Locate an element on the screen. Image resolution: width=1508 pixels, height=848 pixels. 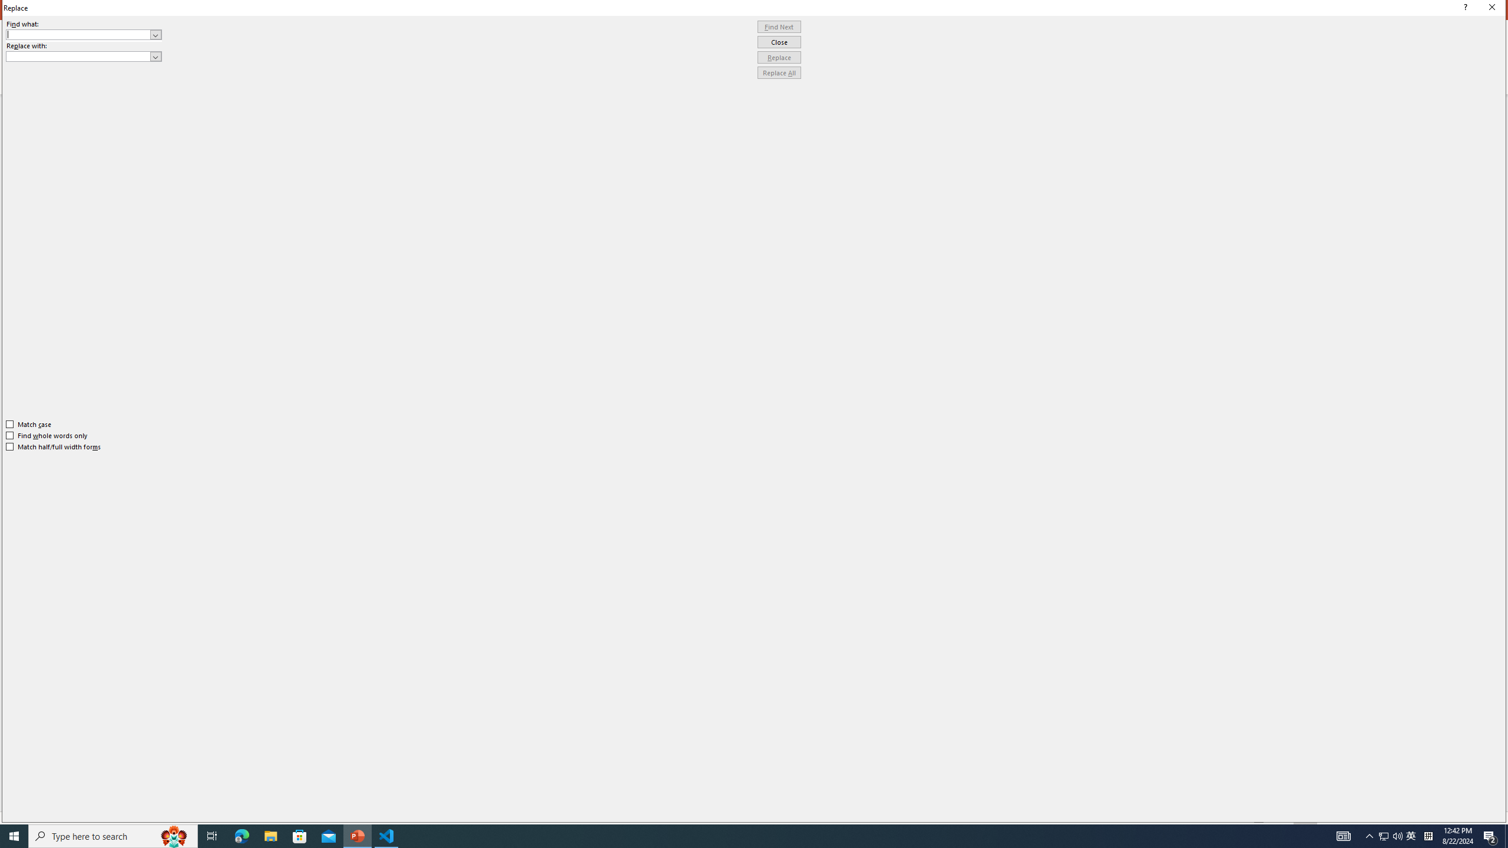
'Find what' is located at coordinates (78, 34).